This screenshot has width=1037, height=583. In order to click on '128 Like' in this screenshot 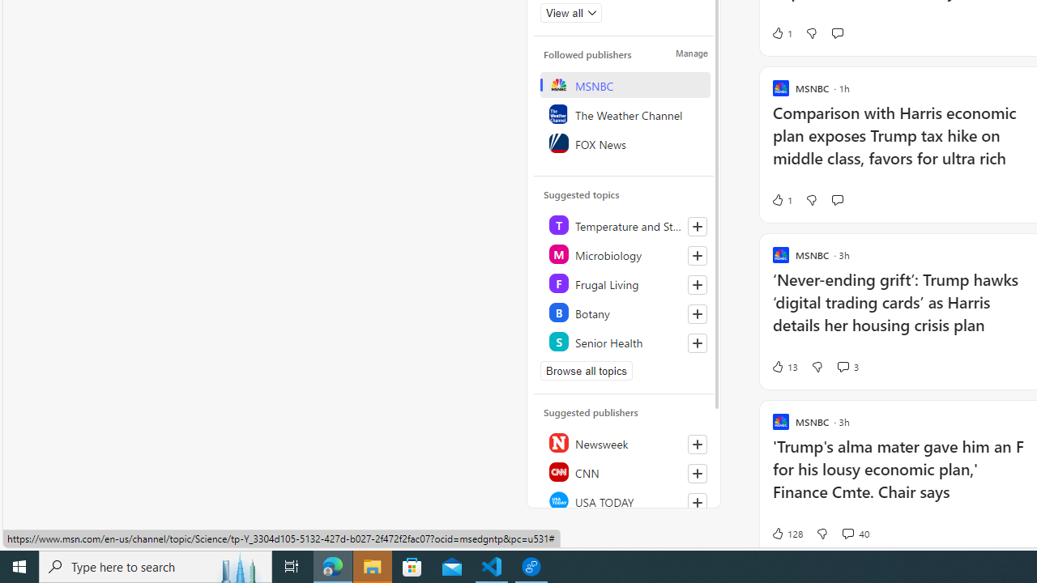, I will do `click(786, 534)`.